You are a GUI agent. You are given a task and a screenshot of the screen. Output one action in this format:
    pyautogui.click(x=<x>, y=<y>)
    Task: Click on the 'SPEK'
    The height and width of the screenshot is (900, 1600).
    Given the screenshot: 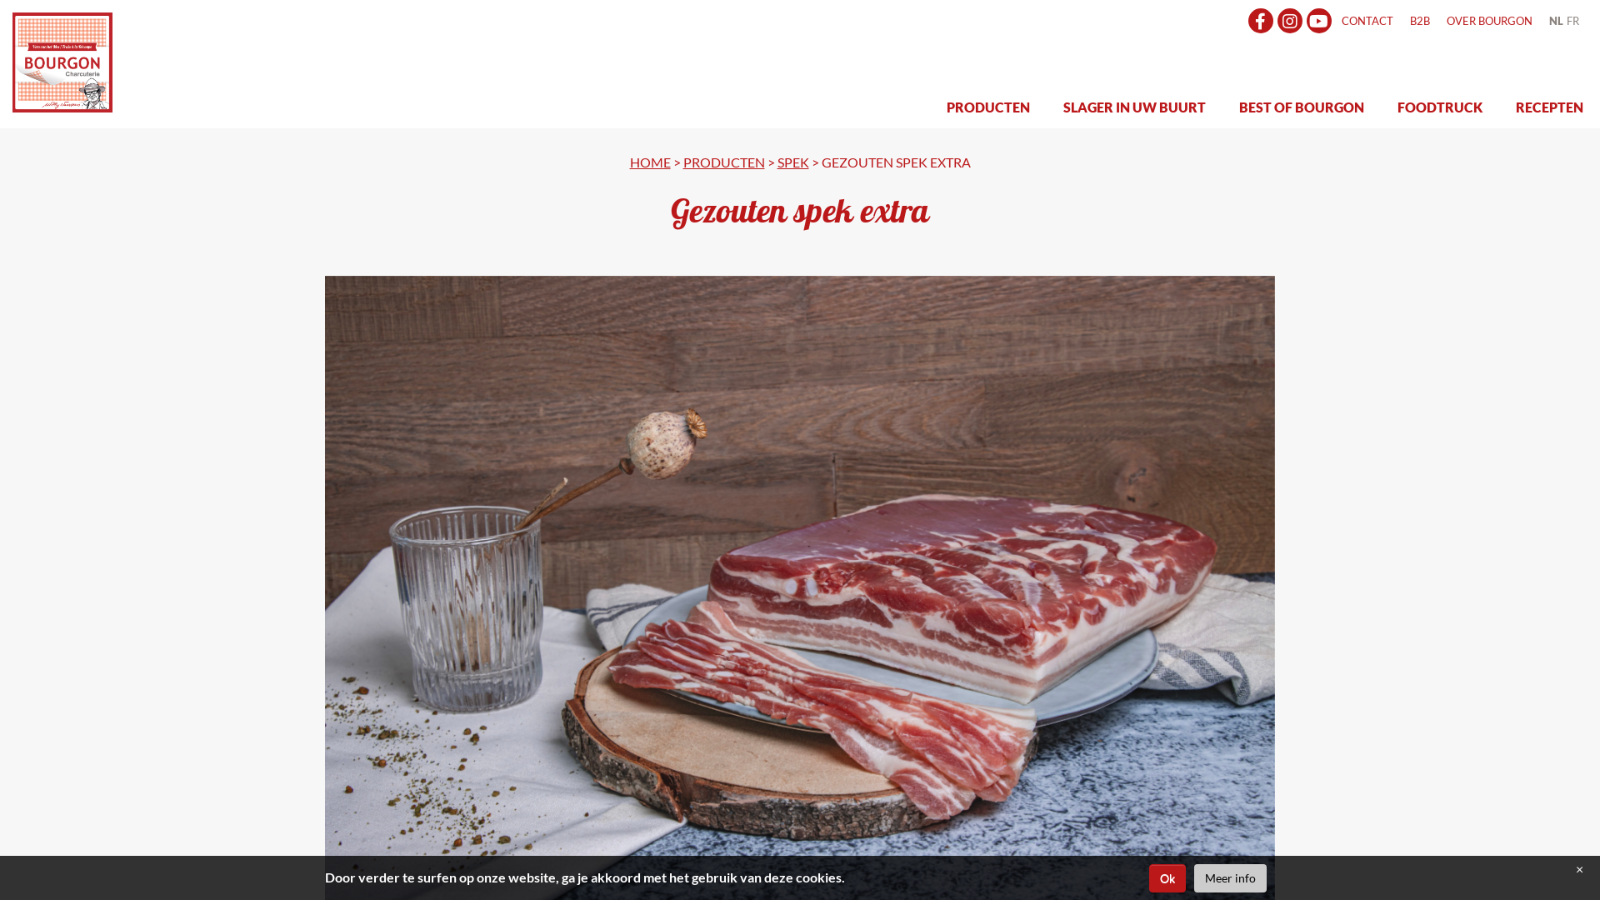 What is the action you would take?
    pyautogui.click(x=791, y=162)
    